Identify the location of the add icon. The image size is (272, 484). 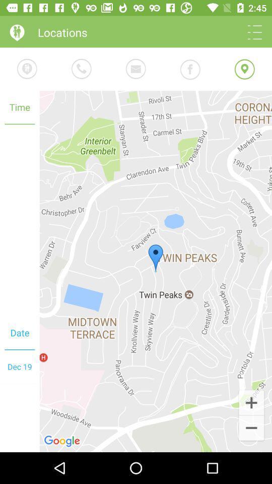
(251, 402).